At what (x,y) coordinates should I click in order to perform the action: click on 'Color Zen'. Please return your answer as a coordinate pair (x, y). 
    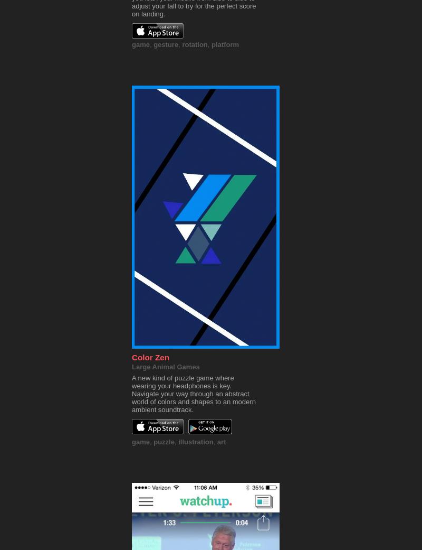
    Looking at the image, I should click on (150, 357).